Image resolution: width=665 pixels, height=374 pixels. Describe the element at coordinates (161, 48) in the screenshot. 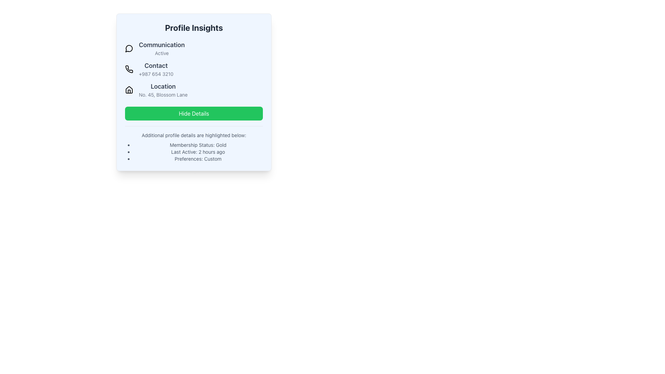

I see `text contents of the status display labeled 'Communication' with the status 'Active', which is the first entry in a vertical list located to the right of a speech bubble icon` at that location.